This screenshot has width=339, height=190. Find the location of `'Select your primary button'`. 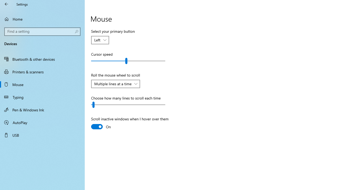

'Select your primary button' is located at coordinates (100, 40).